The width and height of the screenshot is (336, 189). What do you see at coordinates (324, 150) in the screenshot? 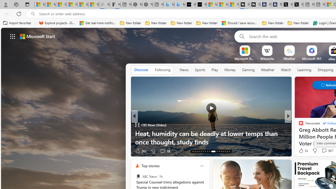
I see `'View comments 987 Comment'` at bounding box center [324, 150].